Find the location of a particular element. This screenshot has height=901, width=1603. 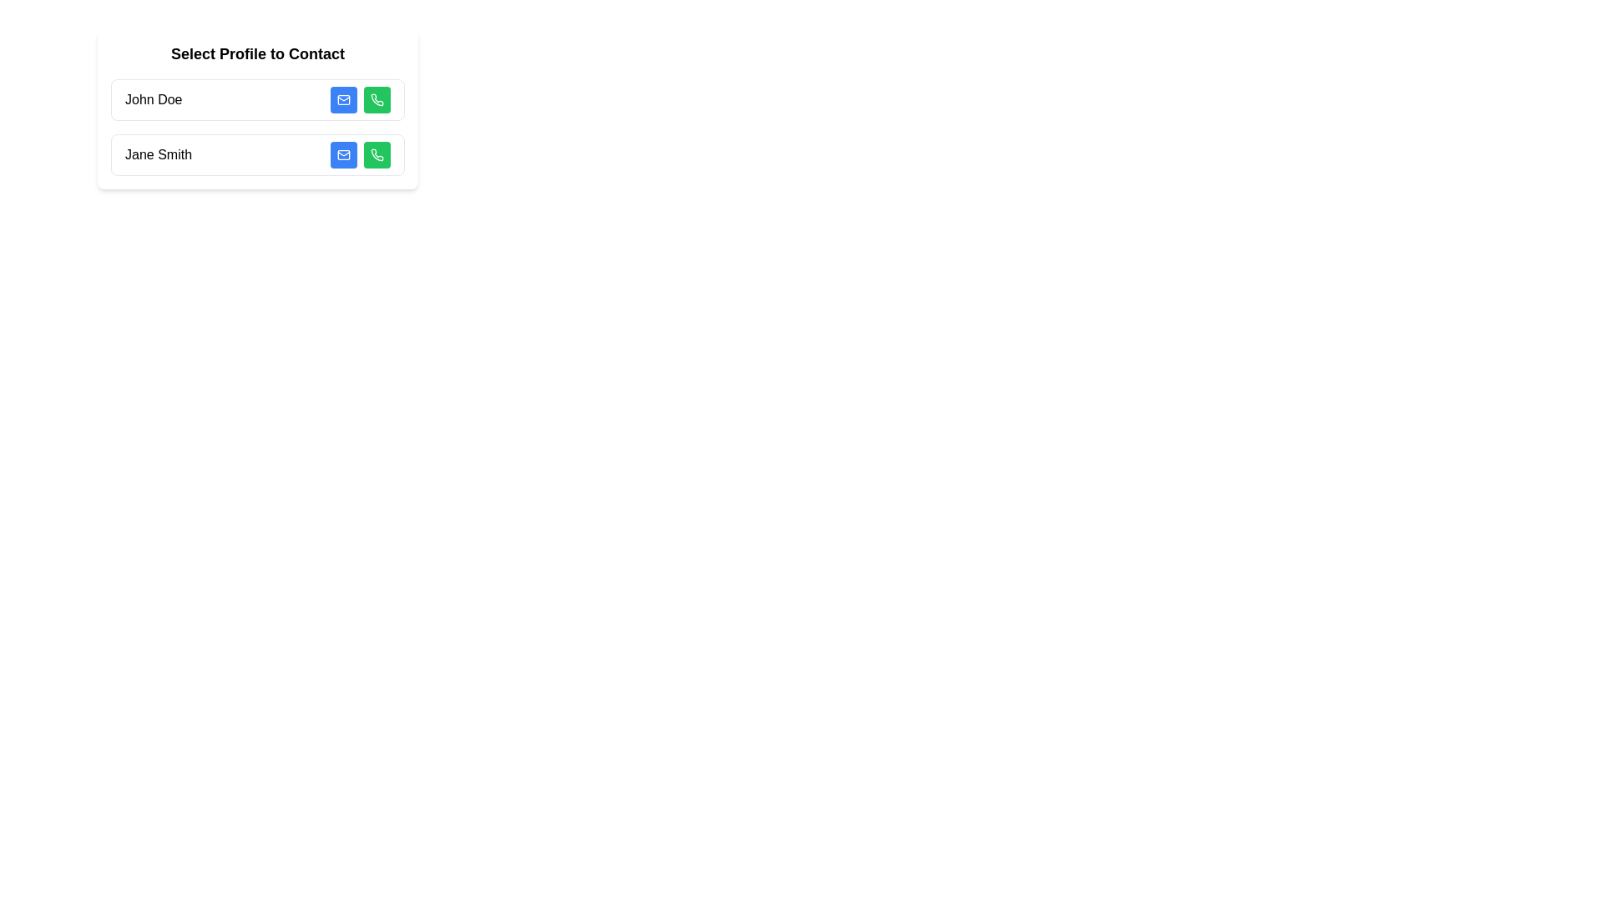

the interactive button group for 'John Doe,' which contains a blue mail icon button and a green phone icon button is located at coordinates (360, 99).